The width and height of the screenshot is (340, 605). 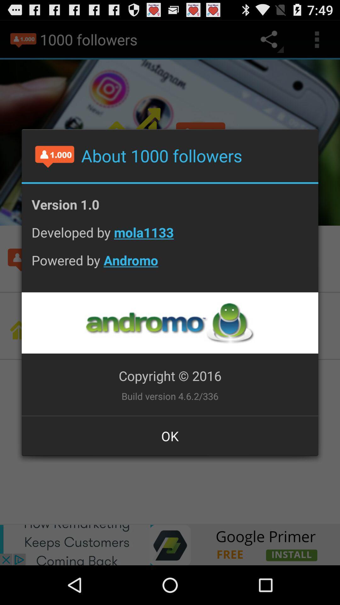 I want to click on icon above powered by andromo app, so click(x=170, y=237).